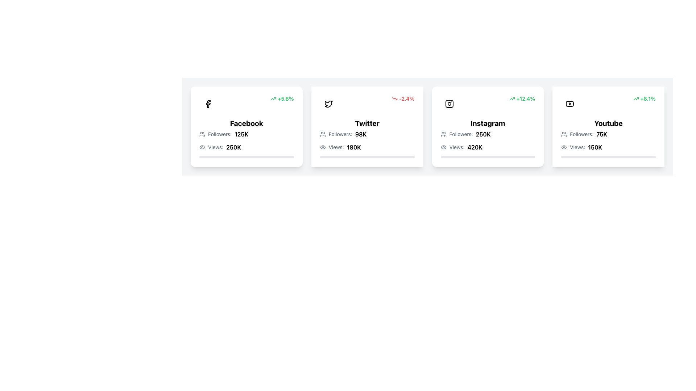 The image size is (696, 391). I want to click on the text label displaying '125K', so click(241, 134).